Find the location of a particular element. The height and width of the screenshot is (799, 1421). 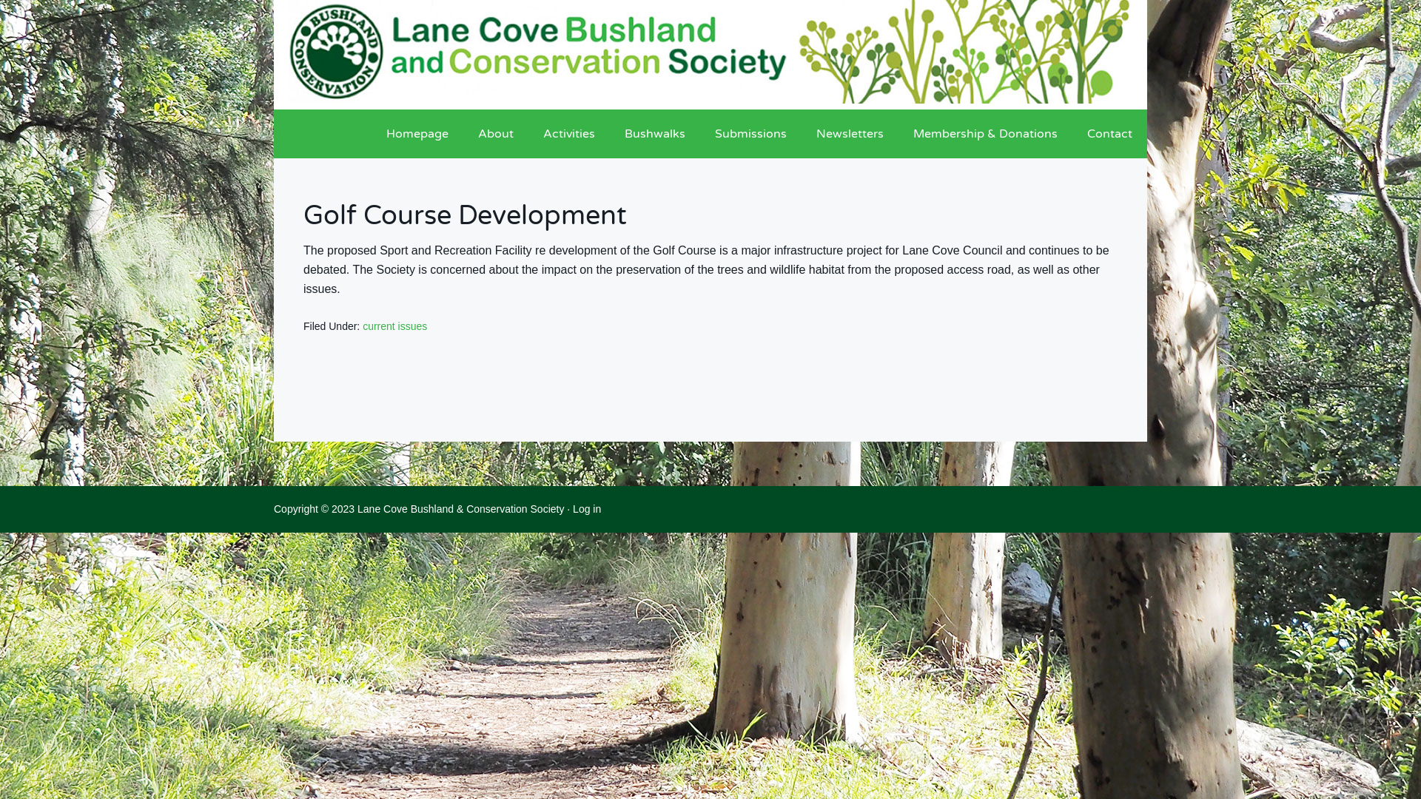

'current issues' is located at coordinates (394, 325).